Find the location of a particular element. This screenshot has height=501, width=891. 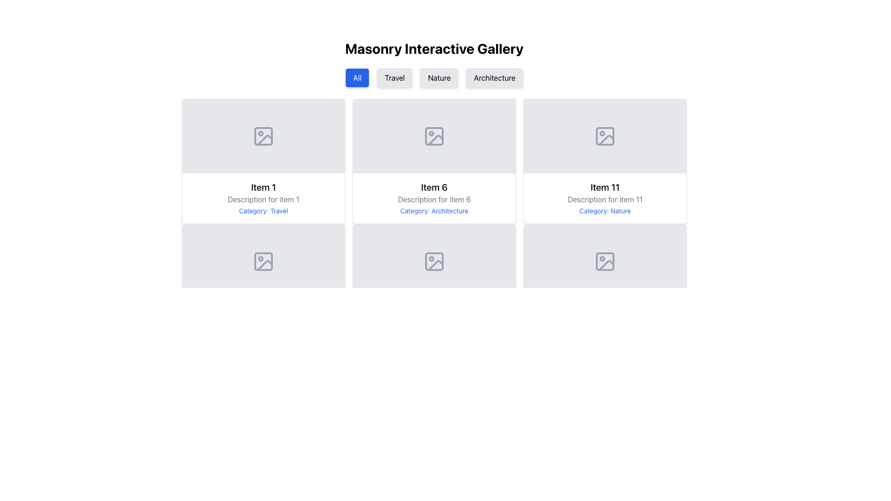

text from the text block that contains the heading 'Item 11', the description 'Description for item 11', and the category label 'Category: Nature' is located at coordinates (605, 198).